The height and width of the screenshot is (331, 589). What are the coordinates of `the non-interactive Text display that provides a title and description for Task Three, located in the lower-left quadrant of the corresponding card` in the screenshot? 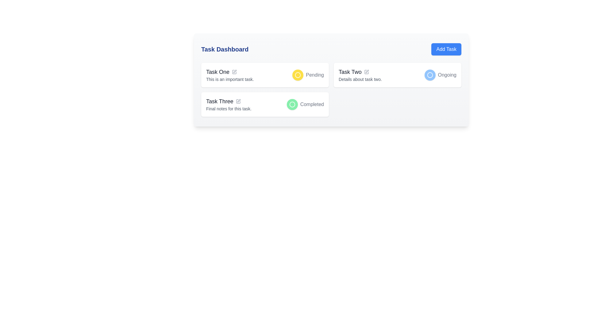 It's located at (228, 104).